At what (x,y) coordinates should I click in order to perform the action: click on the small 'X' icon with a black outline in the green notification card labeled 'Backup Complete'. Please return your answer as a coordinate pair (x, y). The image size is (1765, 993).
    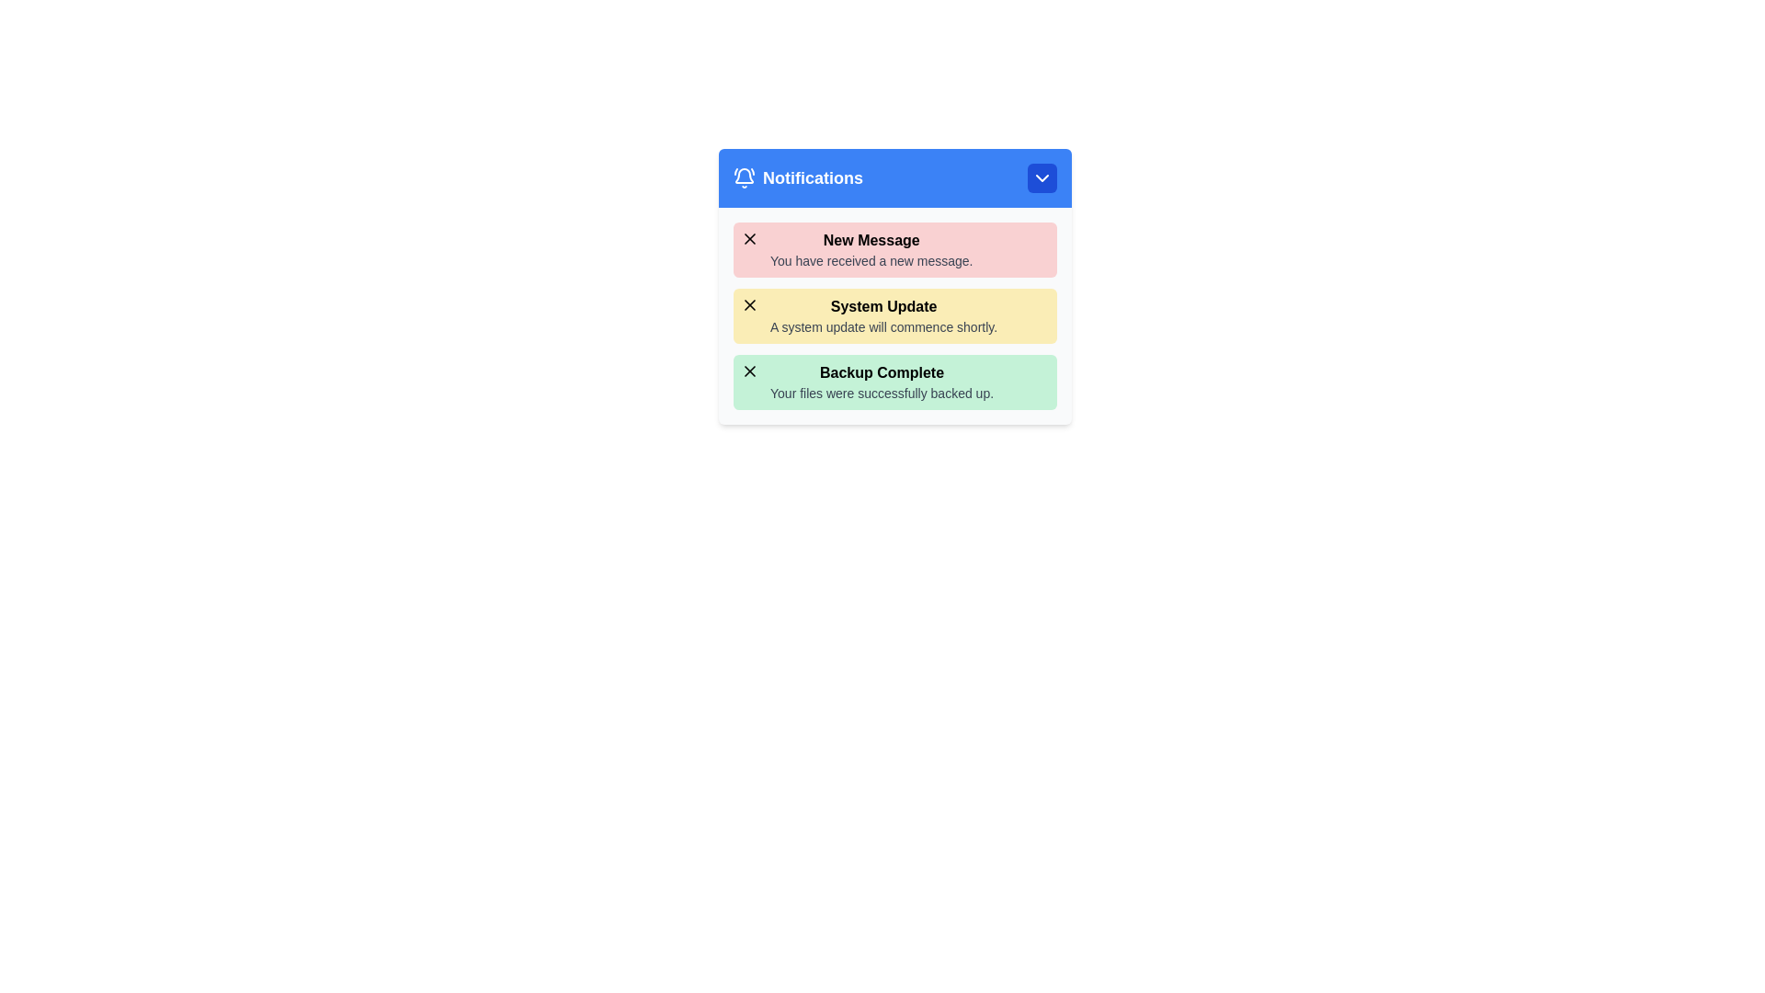
    Looking at the image, I should click on (750, 371).